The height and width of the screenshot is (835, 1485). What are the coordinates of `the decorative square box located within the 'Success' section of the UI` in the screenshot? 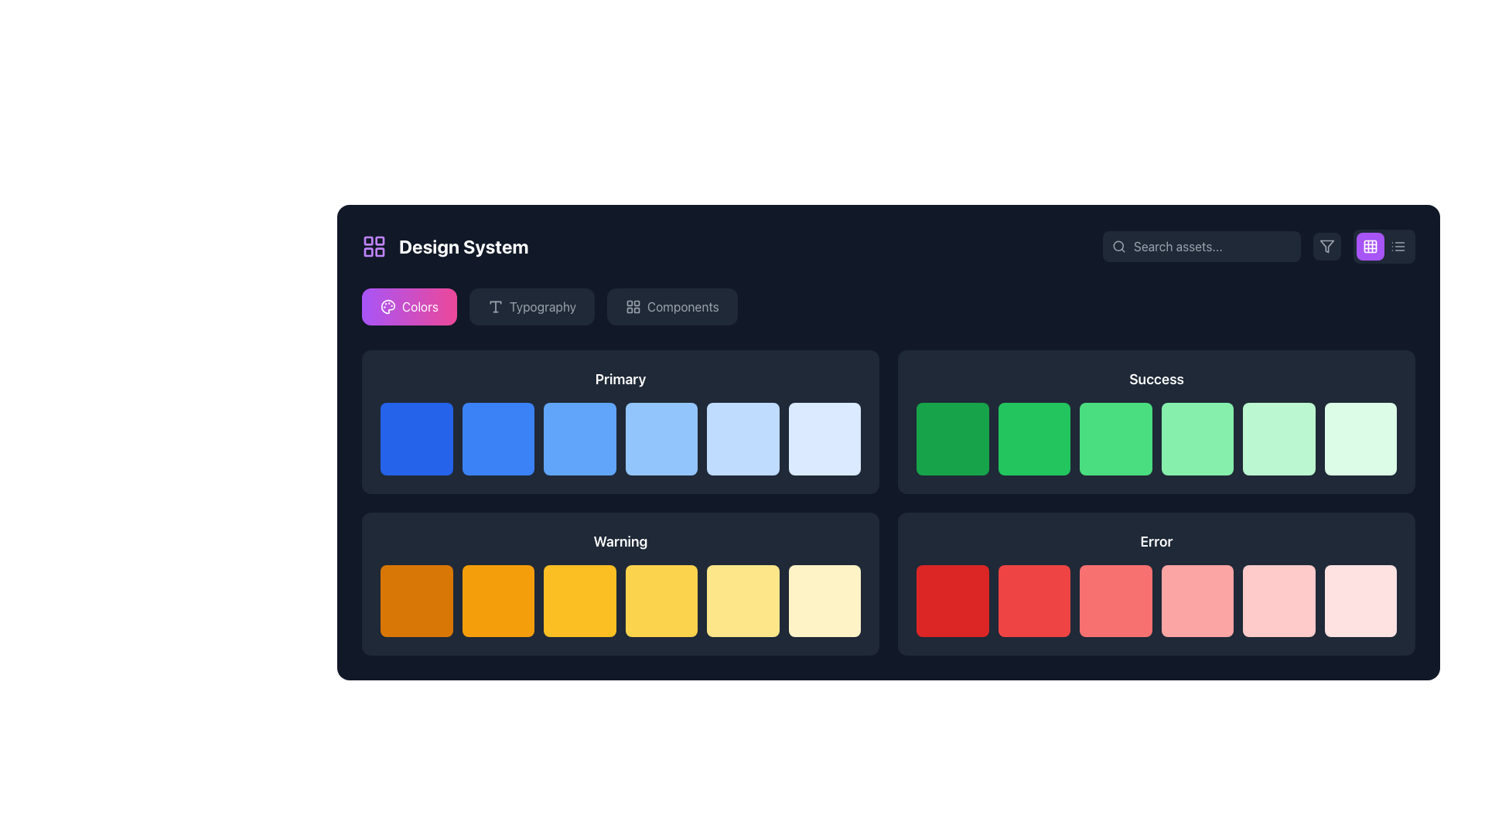 It's located at (1118, 441).